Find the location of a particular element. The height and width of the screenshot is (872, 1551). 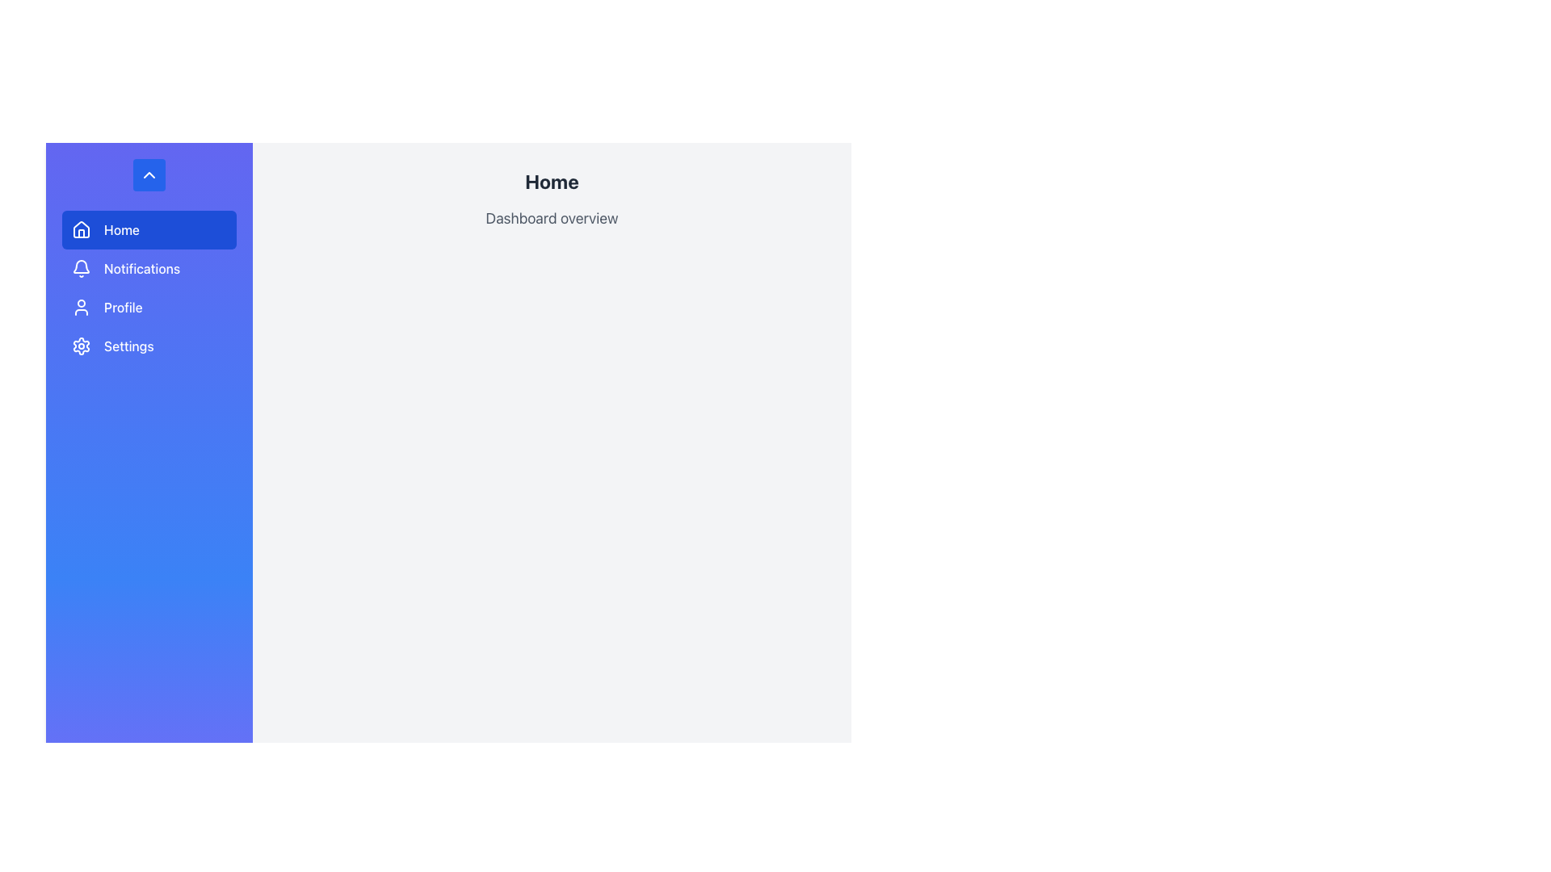

the navigation button located second from the top in the vertical list of options in the left sidebar is located at coordinates (149, 267).